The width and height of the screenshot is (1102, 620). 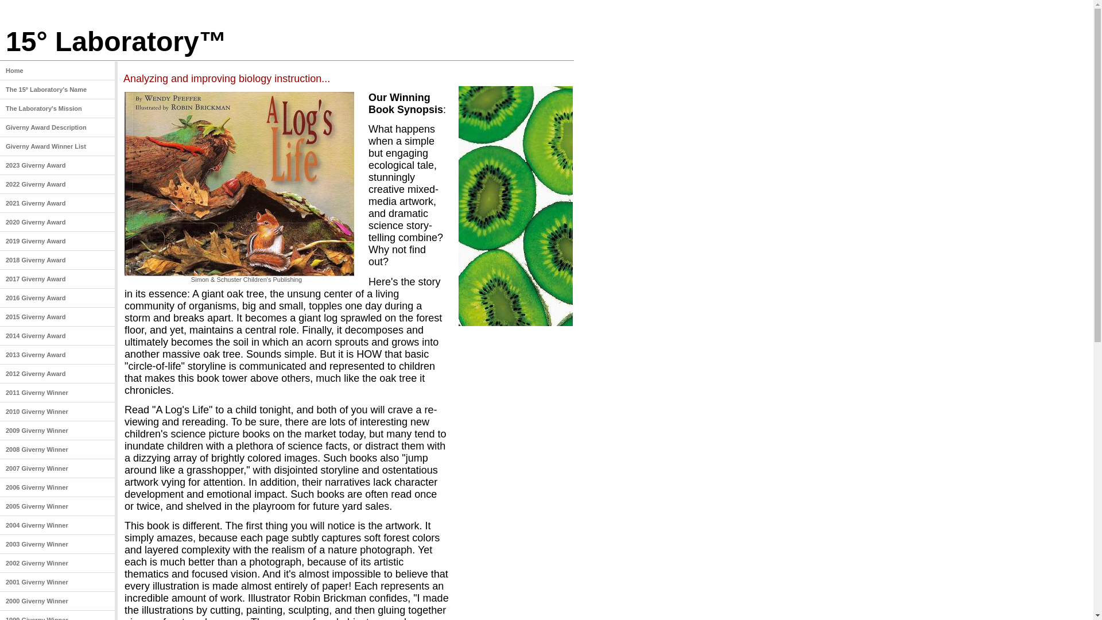 I want to click on 'Giverny Award Winner List', so click(x=57, y=146).